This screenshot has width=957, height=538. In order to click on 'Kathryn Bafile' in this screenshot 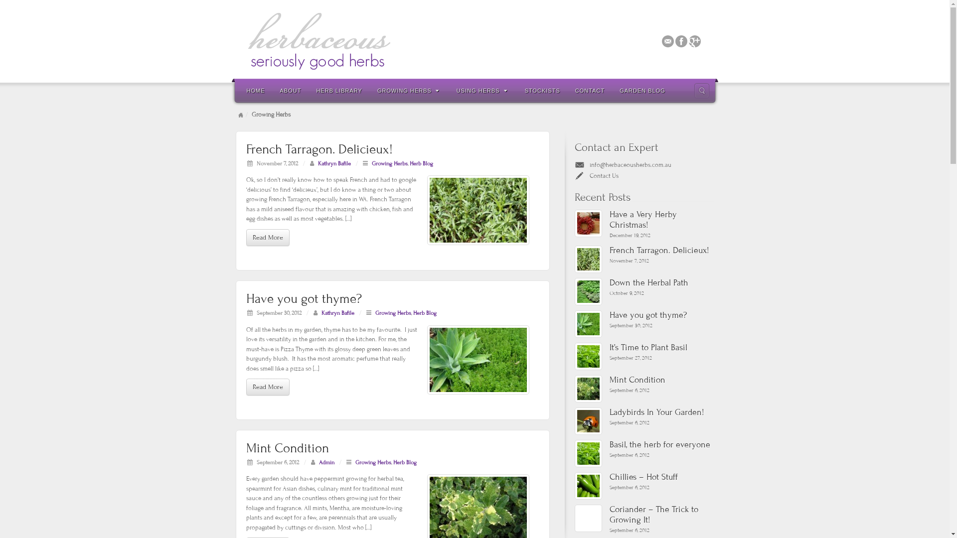, I will do `click(334, 162)`.